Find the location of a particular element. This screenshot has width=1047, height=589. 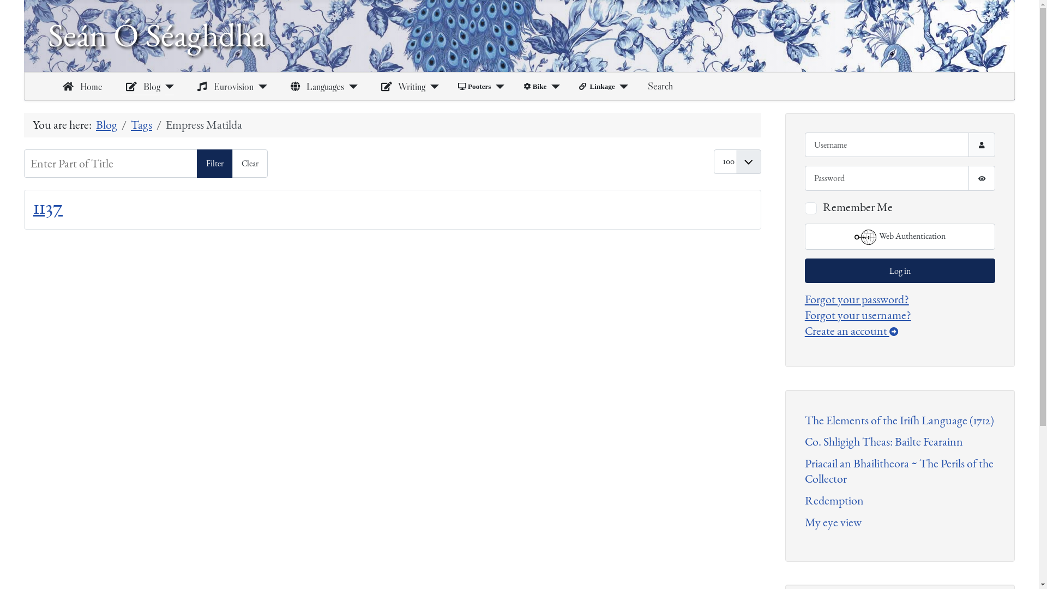

'Languages' is located at coordinates (314, 86).